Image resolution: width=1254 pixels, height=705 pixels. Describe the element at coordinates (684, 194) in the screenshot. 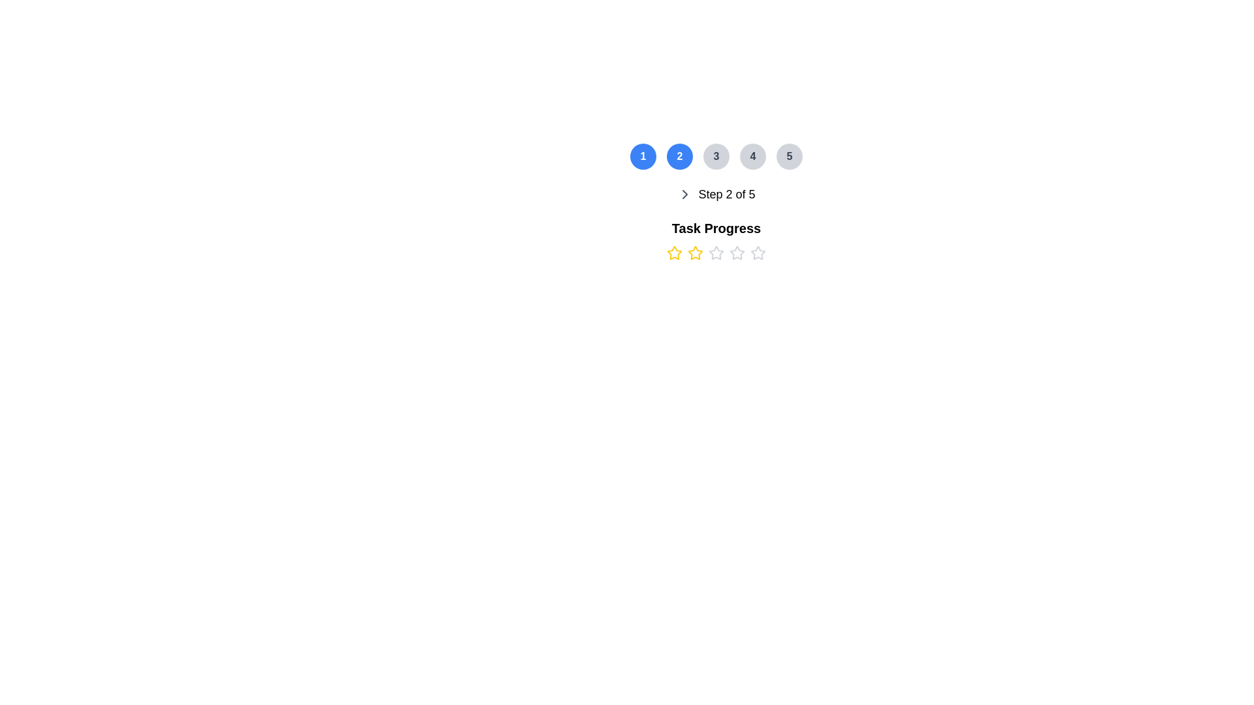

I see `the Icon (Chevron Right), which is a gray arrow icon indicating progression in the navigation interface located immediately after the '2' indicator button` at that location.